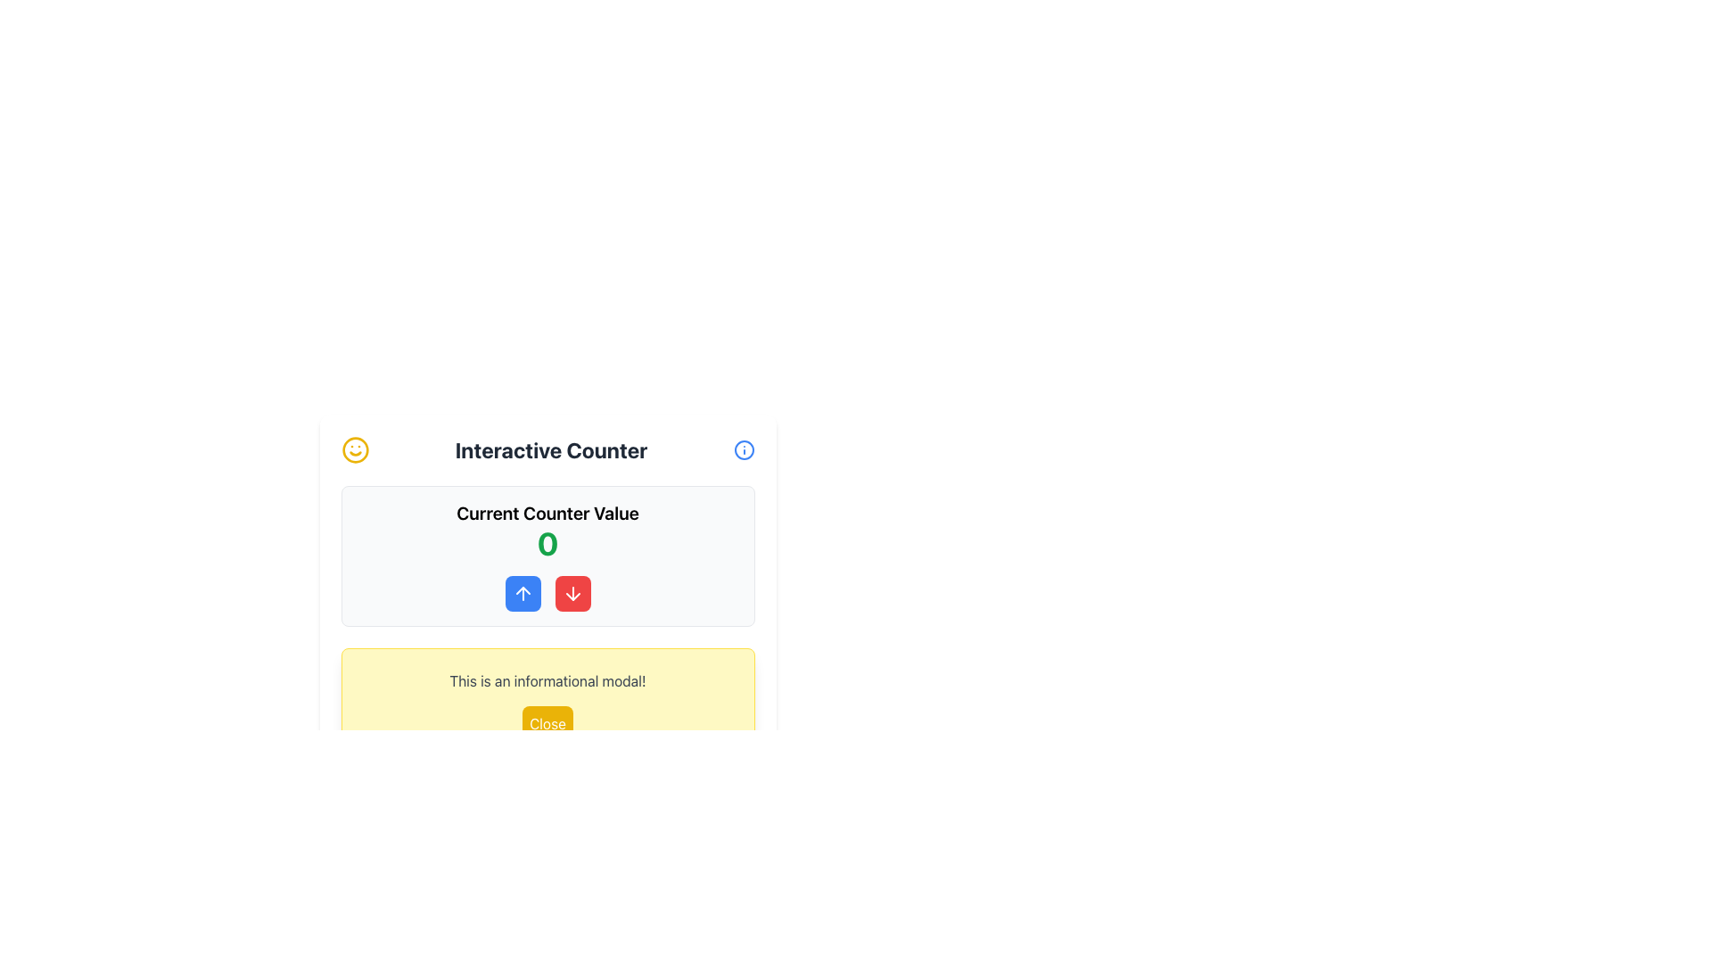 This screenshot has width=1712, height=963. I want to click on the Heading component at the top of the card layout, so click(547, 449).